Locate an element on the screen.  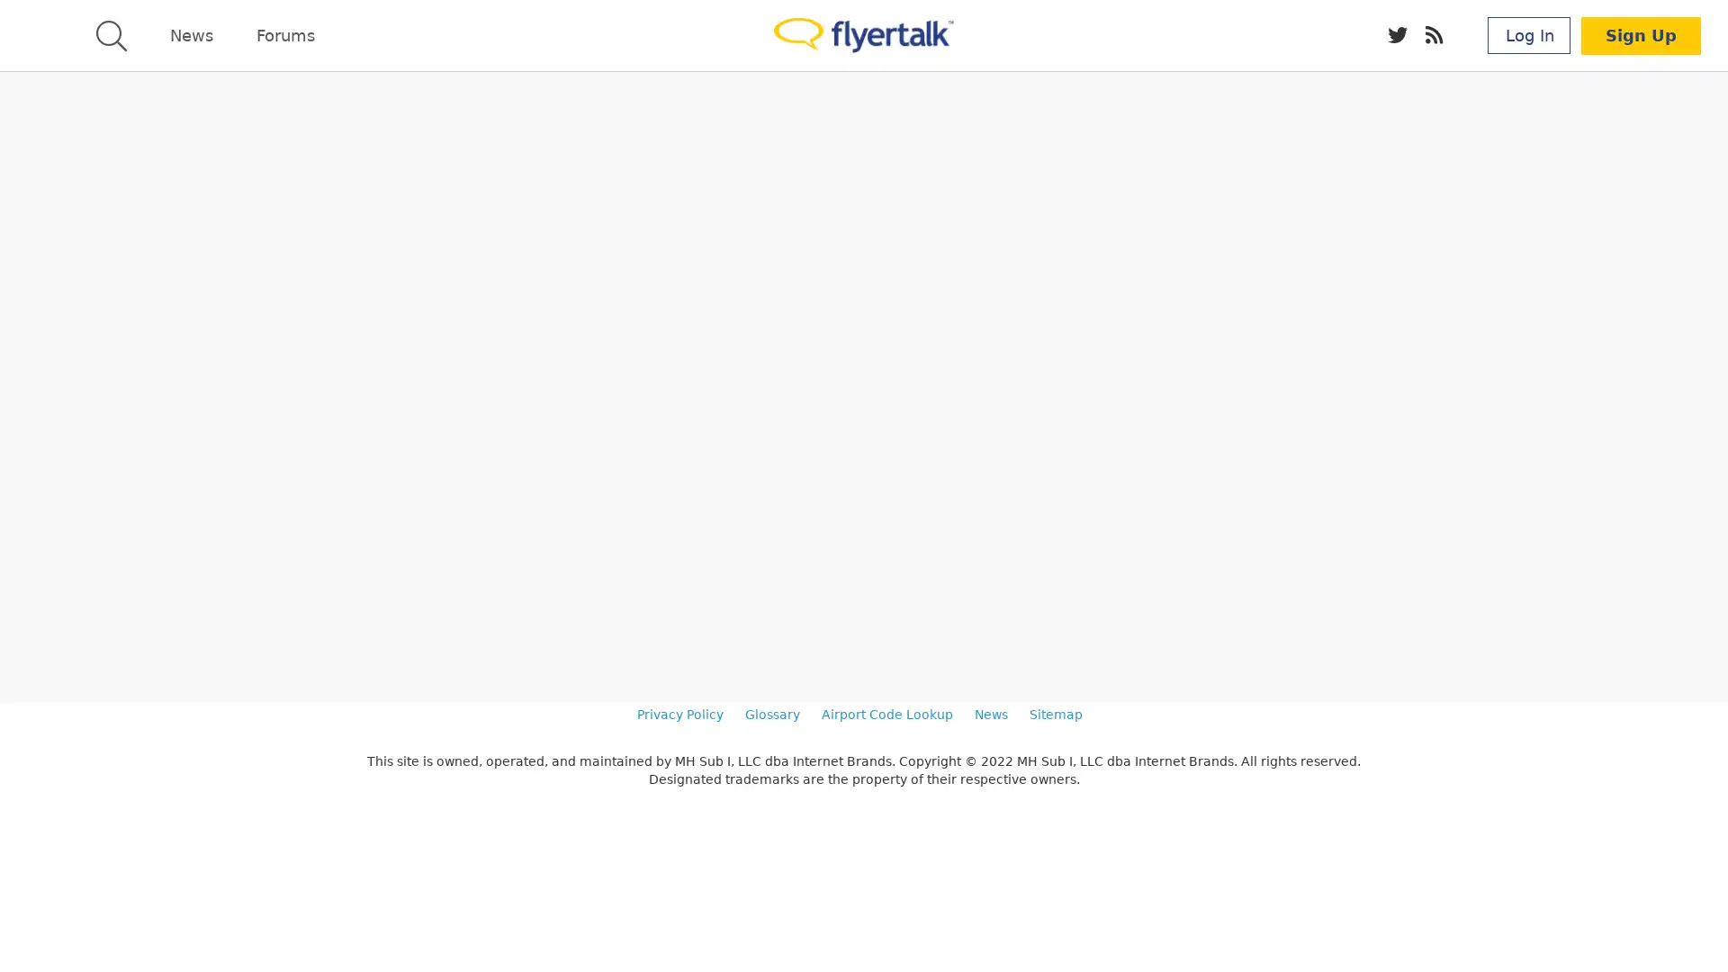
More Information is located at coordinates (1013, 934).